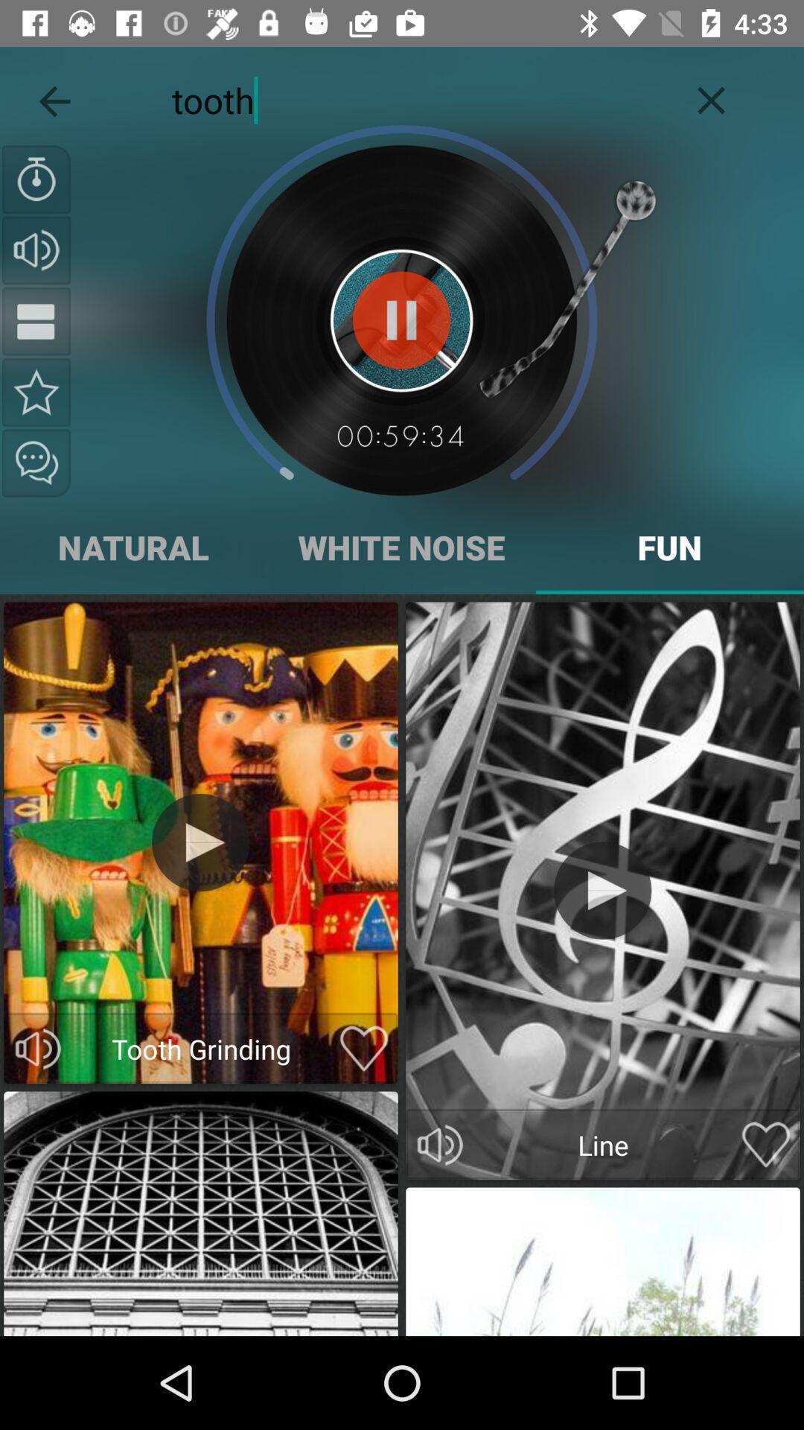  Describe the element at coordinates (36, 320) in the screenshot. I see `pause song` at that location.